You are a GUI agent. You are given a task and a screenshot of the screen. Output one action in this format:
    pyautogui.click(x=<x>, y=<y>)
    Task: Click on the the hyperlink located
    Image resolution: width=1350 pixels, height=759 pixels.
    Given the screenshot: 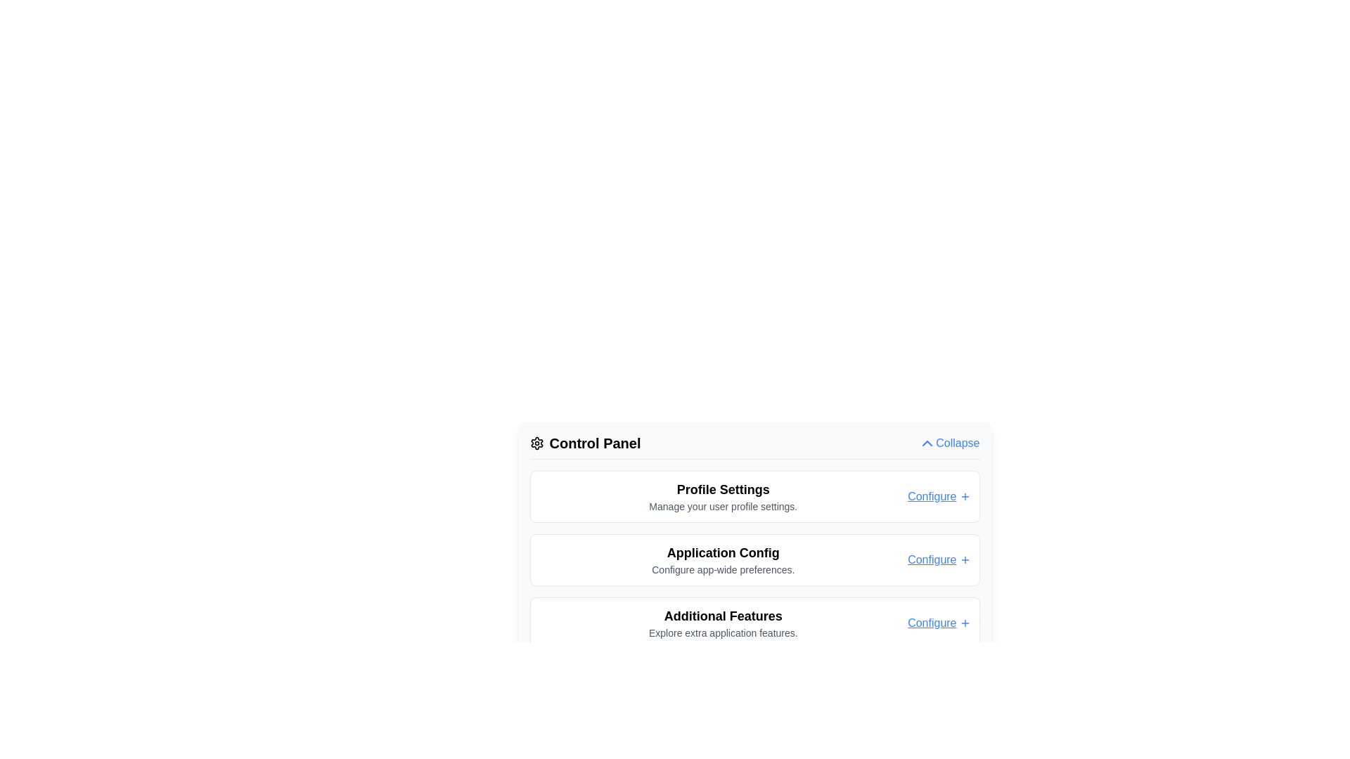 What is the action you would take?
    pyautogui.click(x=938, y=495)
    